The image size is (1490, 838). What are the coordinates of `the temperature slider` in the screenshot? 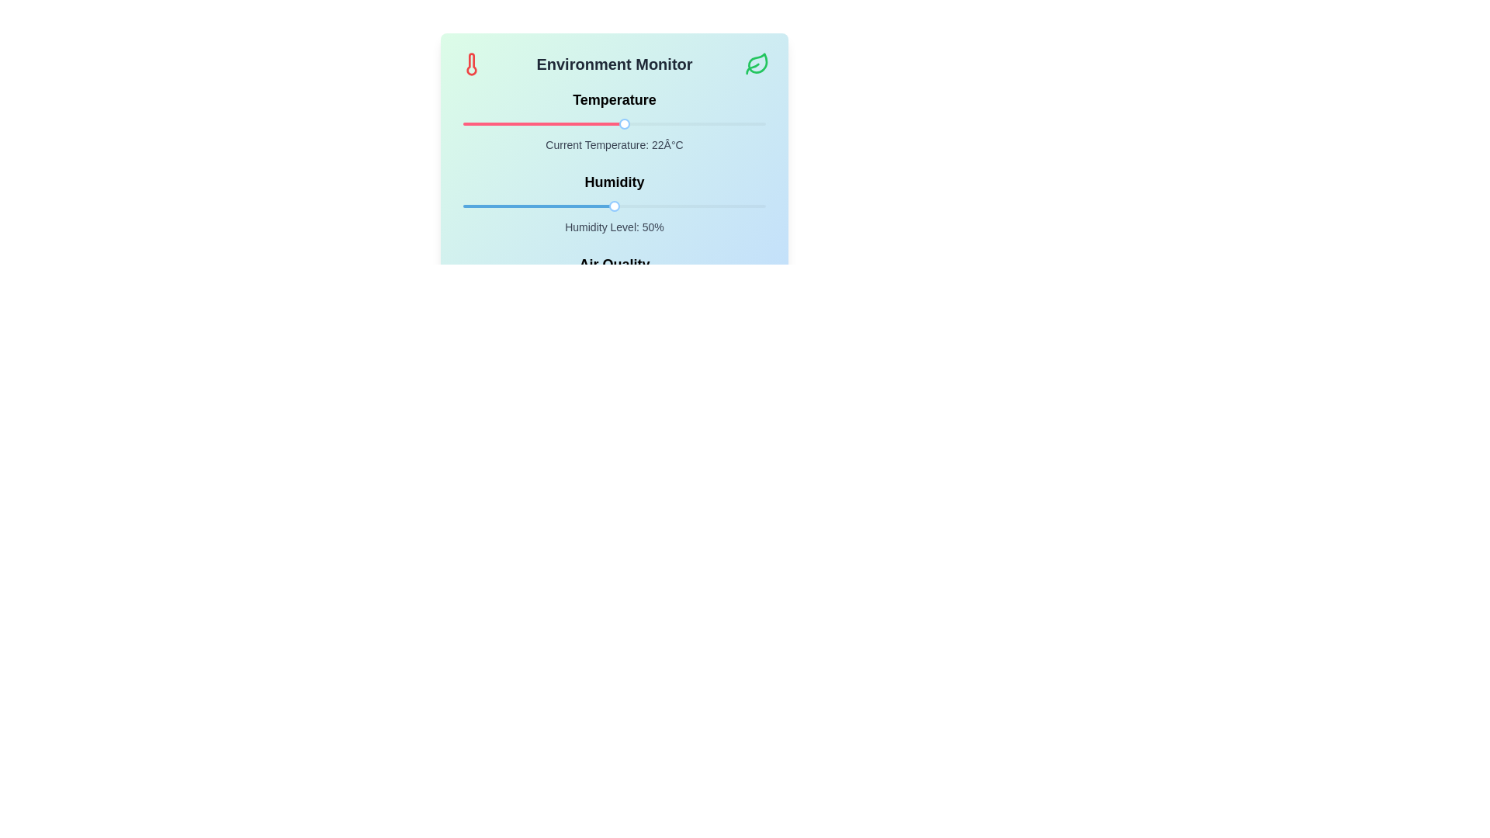 It's located at (689, 123).